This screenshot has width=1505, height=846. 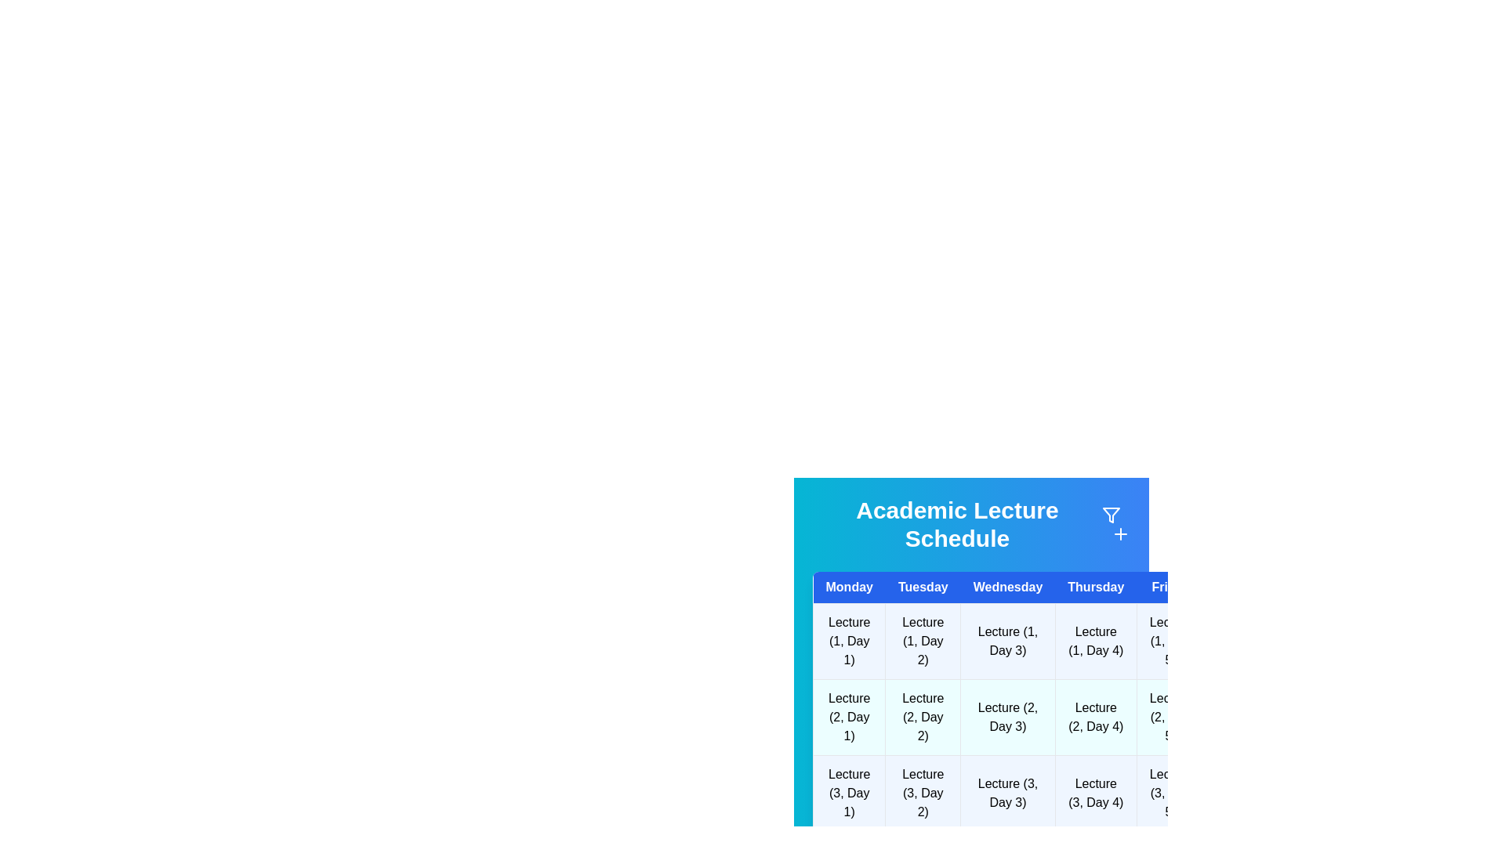 What do you see at coordinates (1110, 515) in the screenshot?
I see `the filter icon to apply filters to the schedule` at bounding box center [1110, 515].